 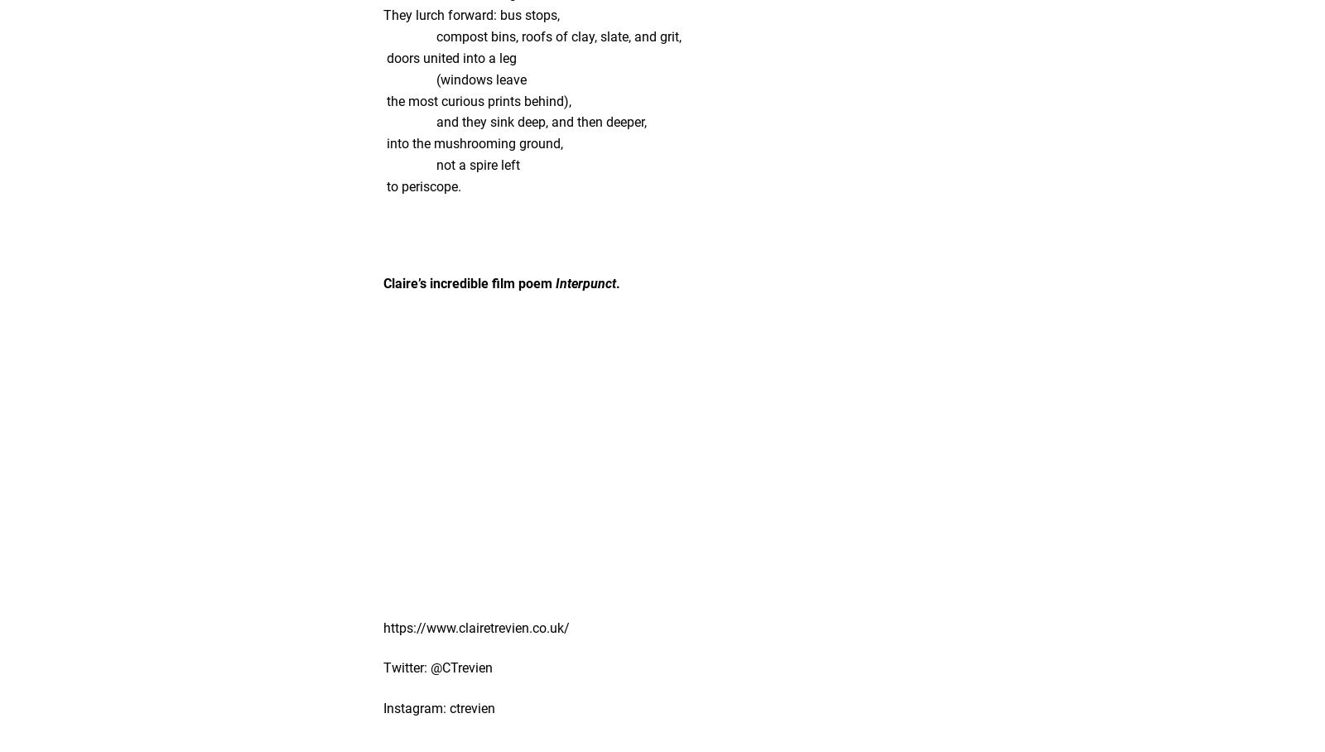 What do you see at coordinates (454, 78) in the screenshot?
I see `'(windows leave'` at bounding box center [454, 78].